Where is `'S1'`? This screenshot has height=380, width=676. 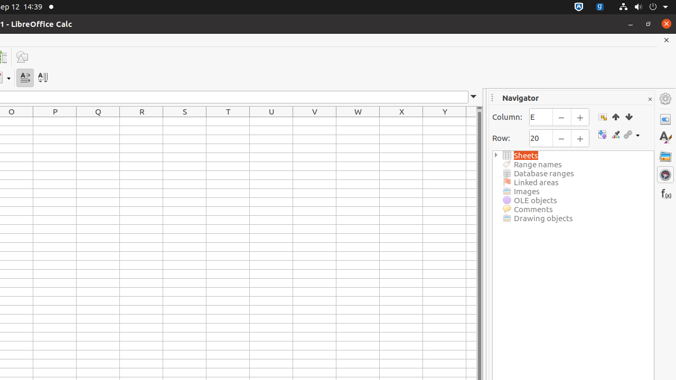
'S1' is located at coordinates (184, 121).